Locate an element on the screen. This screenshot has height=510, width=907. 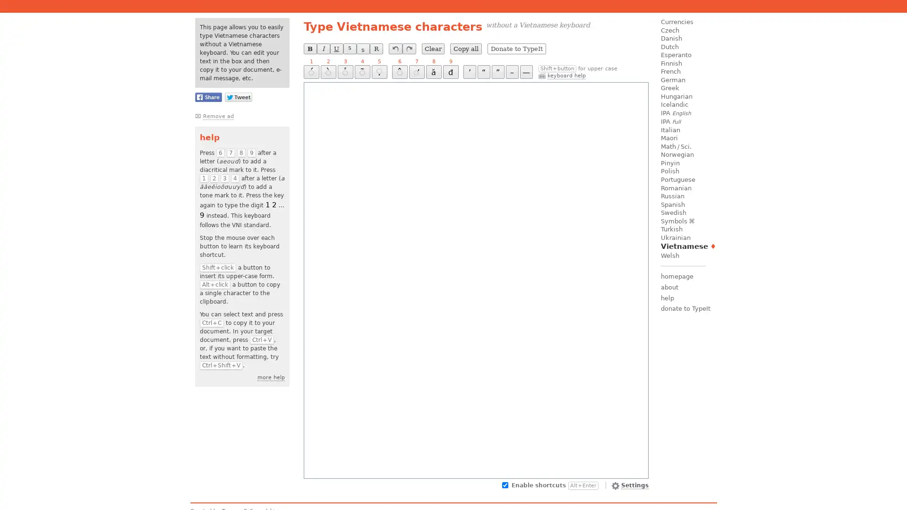
B is located at coordinates (310, 49).